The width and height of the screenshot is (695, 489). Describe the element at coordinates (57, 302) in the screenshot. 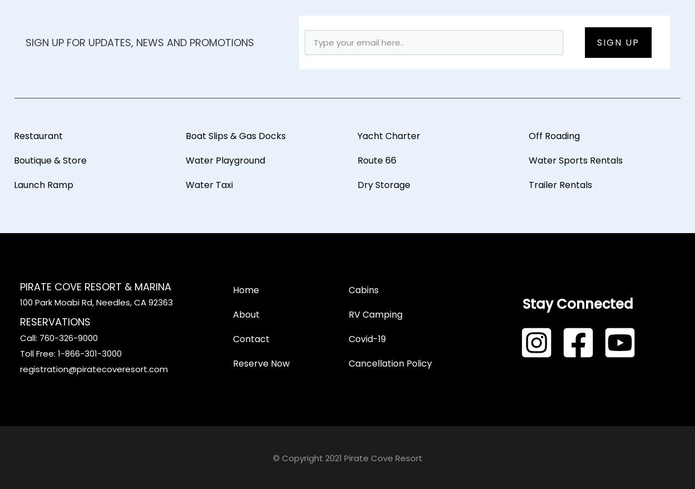

I see `'100 Park Moabi Rd,'` at that location.